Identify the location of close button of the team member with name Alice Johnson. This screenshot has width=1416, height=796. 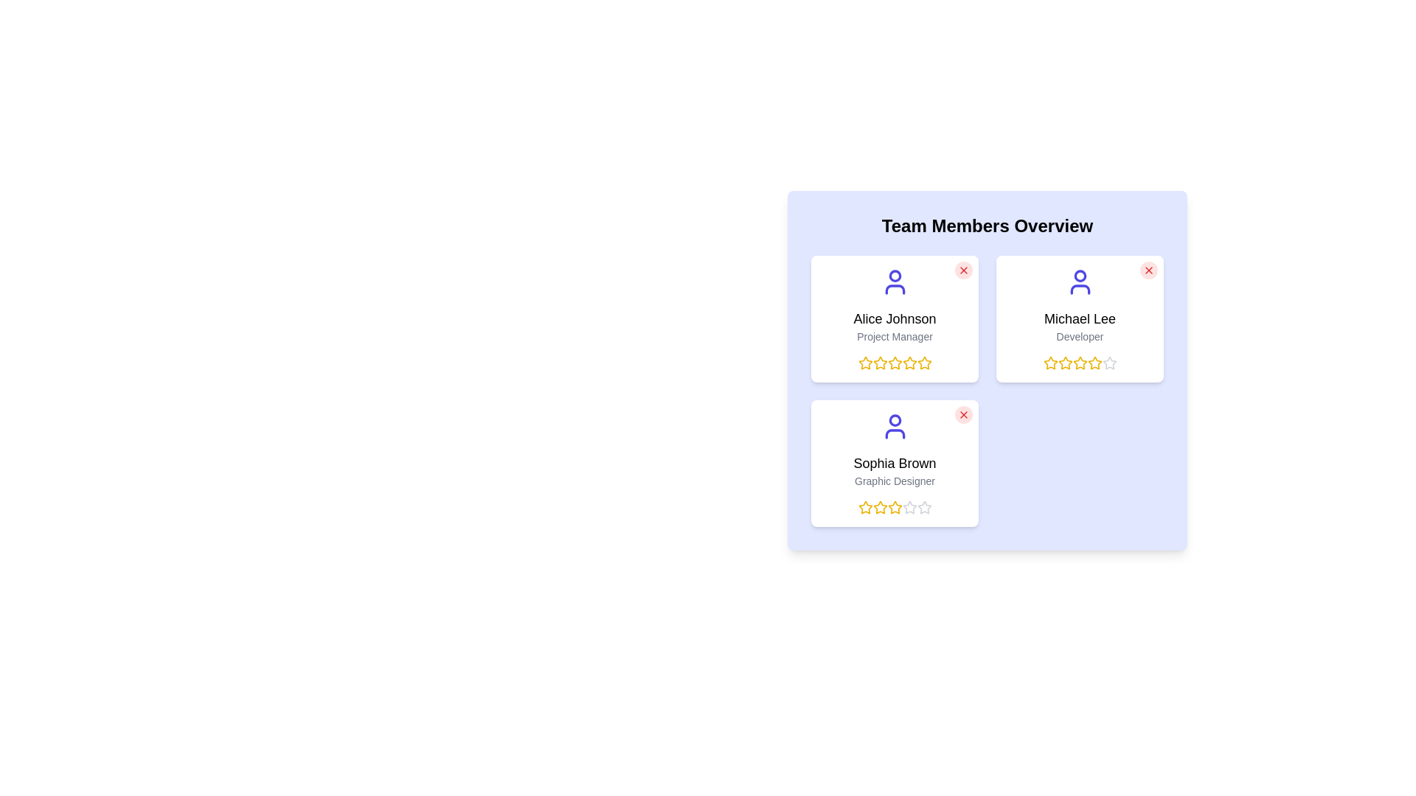
(963, 270).